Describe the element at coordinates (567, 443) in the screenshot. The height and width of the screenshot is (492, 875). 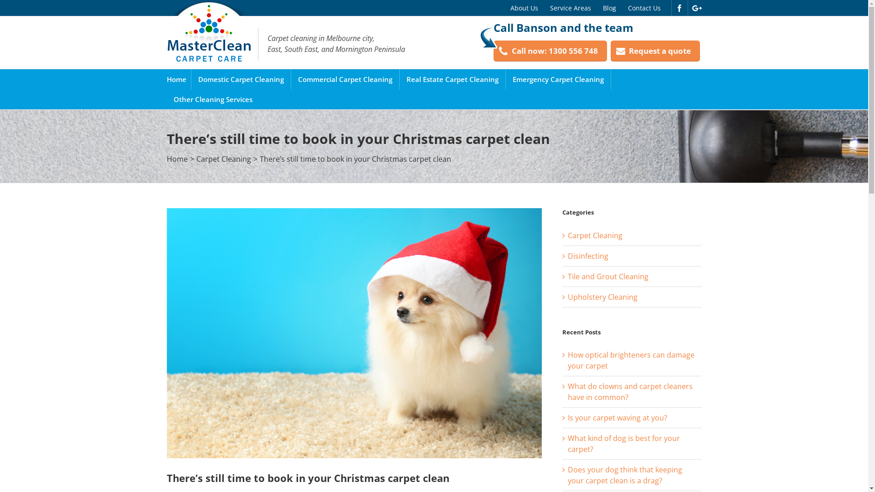
I see `'What kind of dog is best for your carpet?'` at that location.